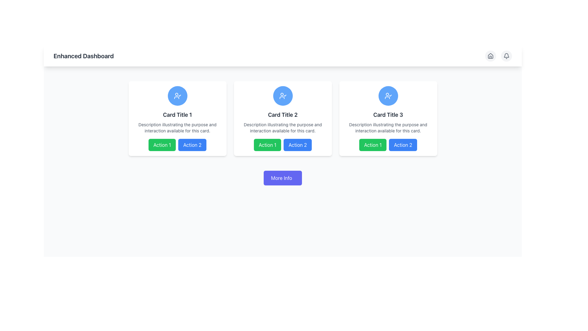  What do you see at coordinates (388, 127) in the screenshot?
I see `the description text block located centrally beneath 'Card Title 3' and above 'Action 1' and 'Action 2' buttons in the third card of a horizontal series` at bounding box center [388, 127].